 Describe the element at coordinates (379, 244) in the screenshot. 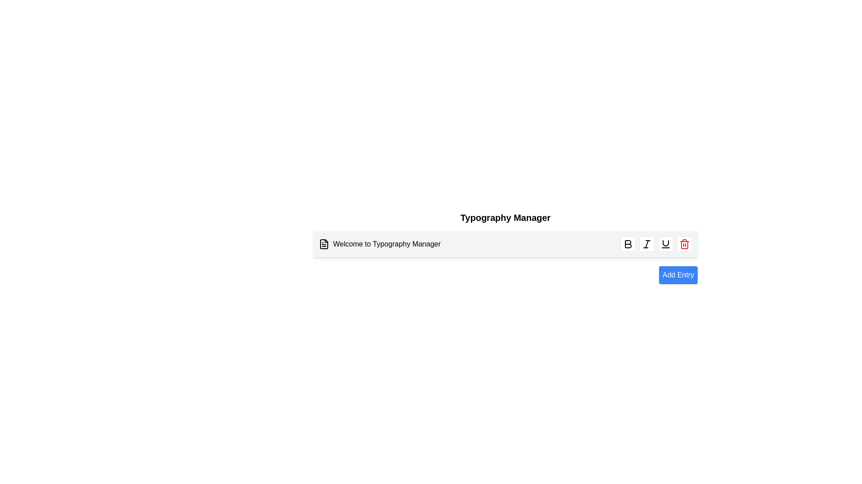

I see `the Label located in the left section of the panel with a light gray background to check for possible interactivity` at that location.